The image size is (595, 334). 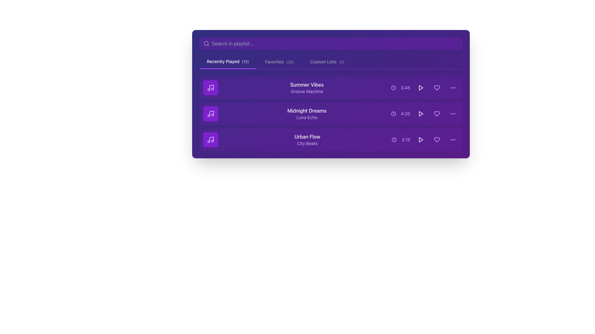 I want to click on the 'Play' button located, so click(x=421, y=139).